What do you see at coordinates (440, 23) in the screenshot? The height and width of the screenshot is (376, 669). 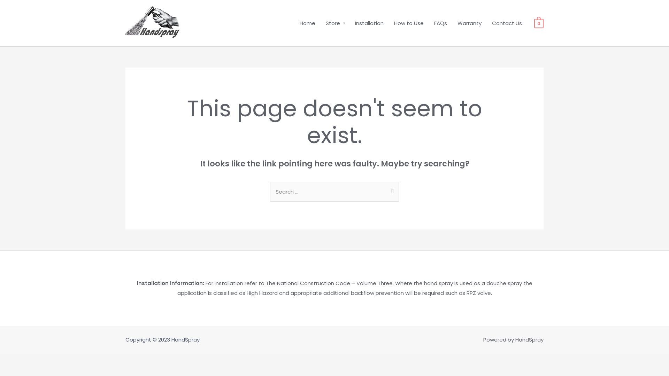 I see `'FAQs'` at bounding box center [440, 23].